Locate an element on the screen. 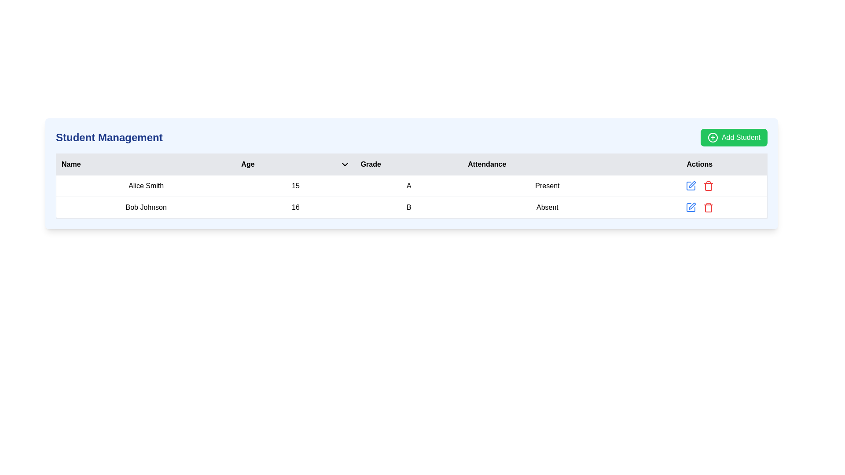 Image resolution: width=845 pixels, height=475 pixels. value of the centered letter 'A' displayed in the 'Grade' column for the row corresponding to 'Alice Smith' in the table is located at coordinates (408, 186).